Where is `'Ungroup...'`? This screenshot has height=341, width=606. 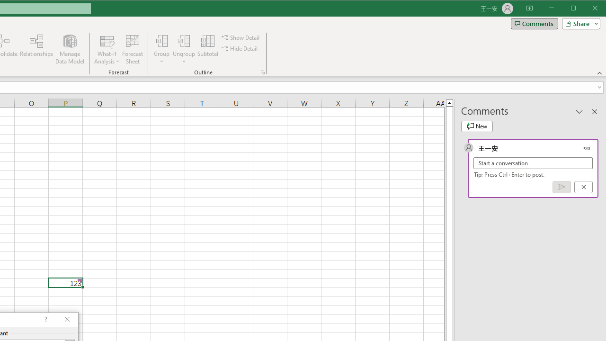 'Ungroup...' is located at coordinates (184, 49).